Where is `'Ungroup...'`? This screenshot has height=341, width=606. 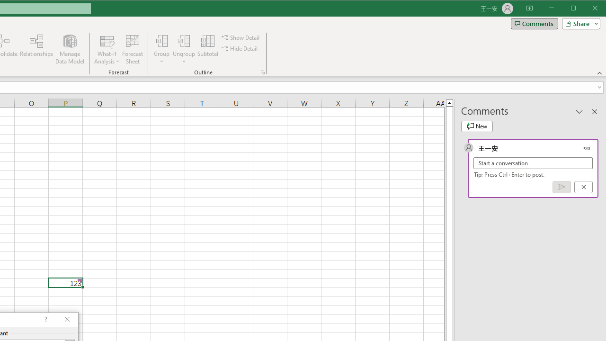 'Ungroup...' is located at coordinates (184, 49).